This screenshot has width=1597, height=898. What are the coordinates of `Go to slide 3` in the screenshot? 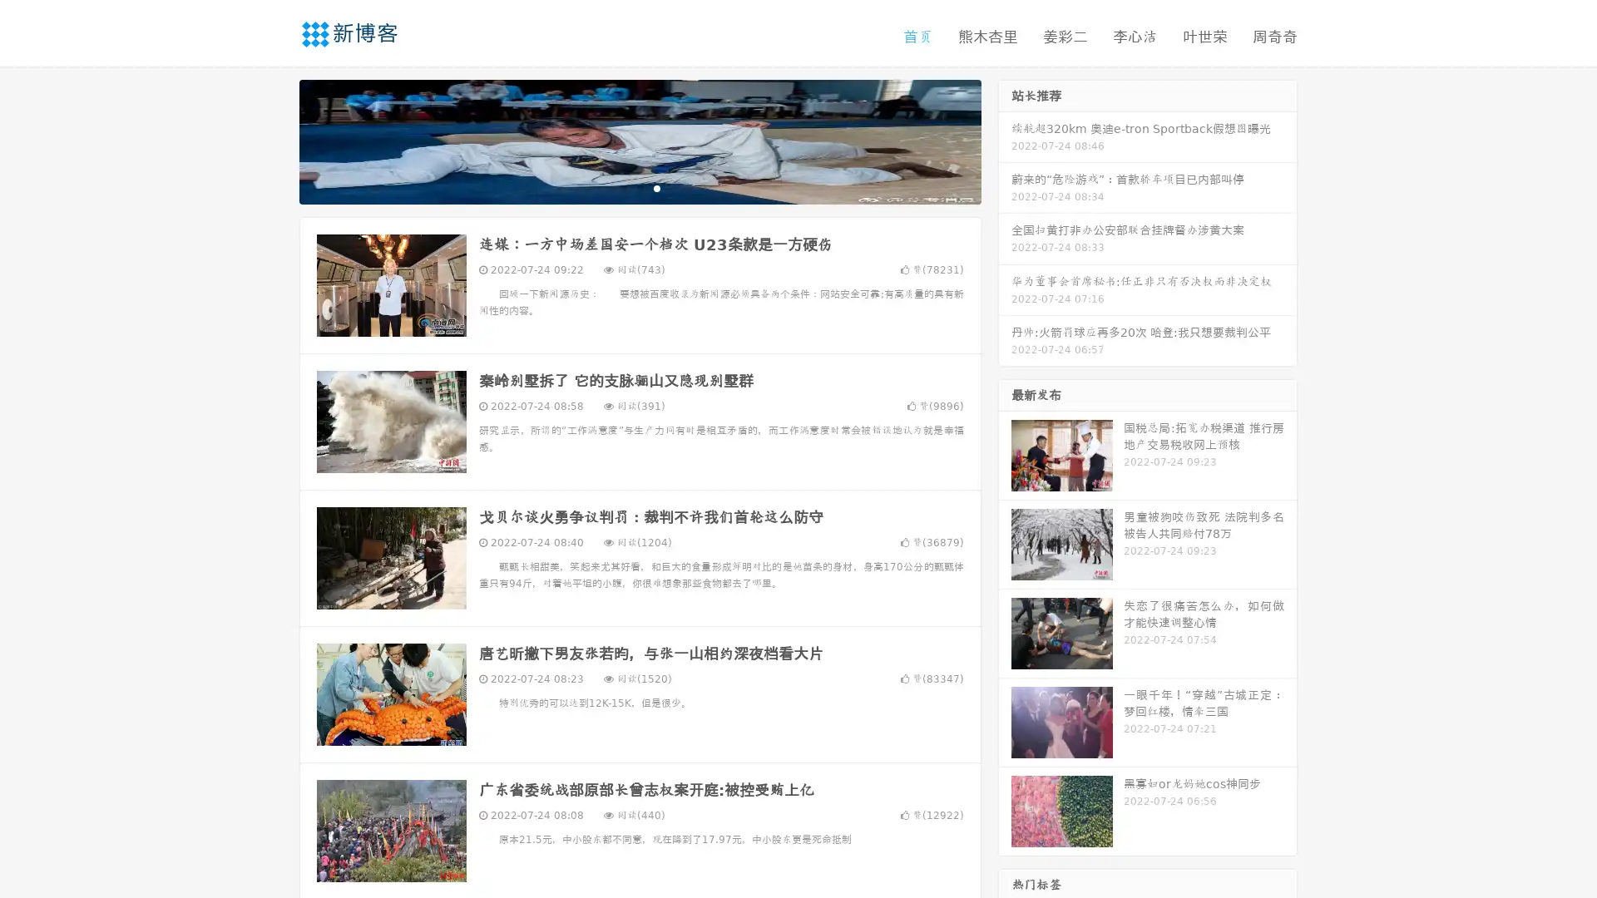 It's located at (656, 187).